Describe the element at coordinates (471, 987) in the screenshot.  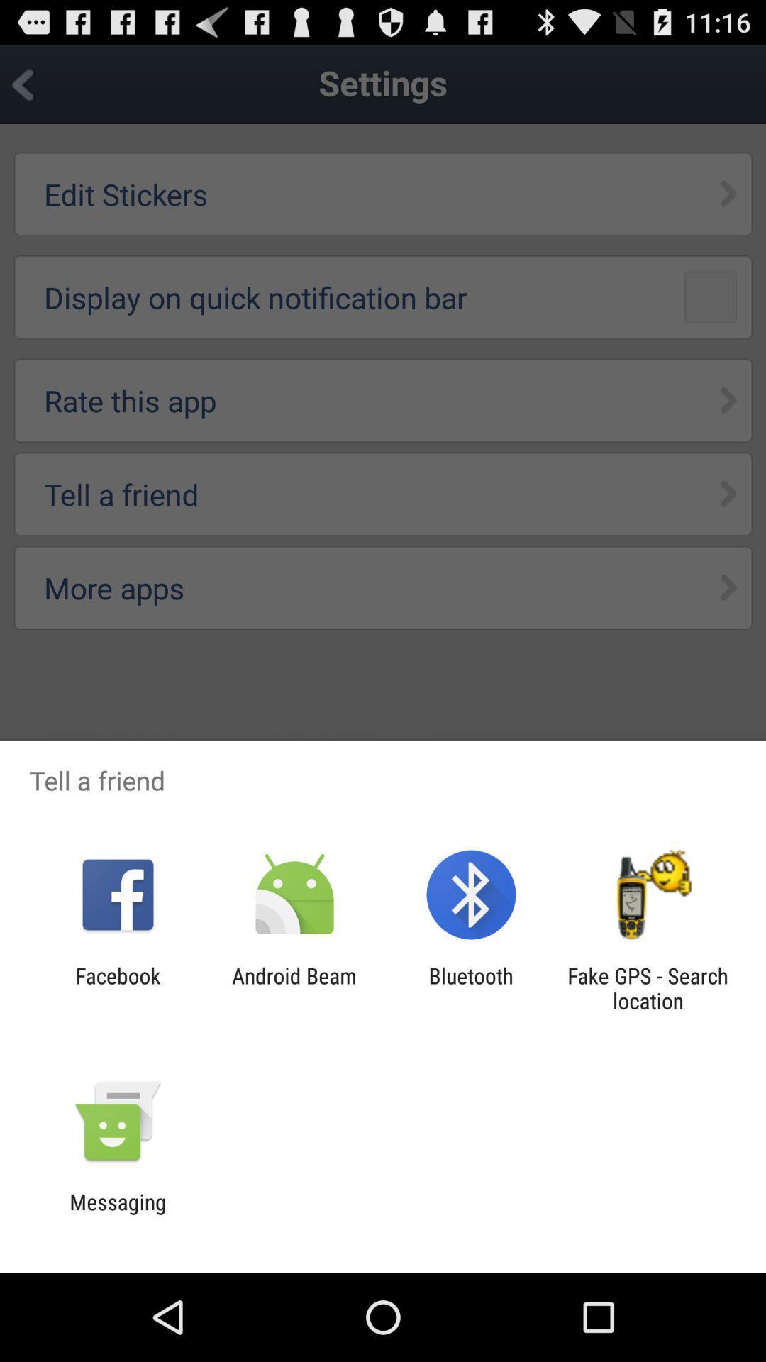
I see `icon to the right of the android beam icon` at that location.